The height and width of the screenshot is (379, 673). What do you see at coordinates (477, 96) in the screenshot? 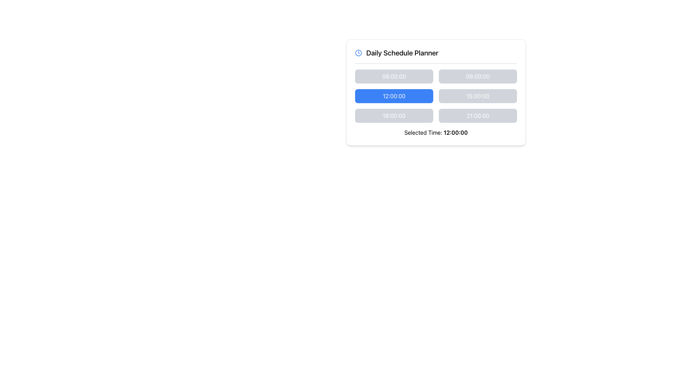
I see `the button labeled '15:00:00', which has a light gray background that darkens on hover` at bounding box center [477, 96].